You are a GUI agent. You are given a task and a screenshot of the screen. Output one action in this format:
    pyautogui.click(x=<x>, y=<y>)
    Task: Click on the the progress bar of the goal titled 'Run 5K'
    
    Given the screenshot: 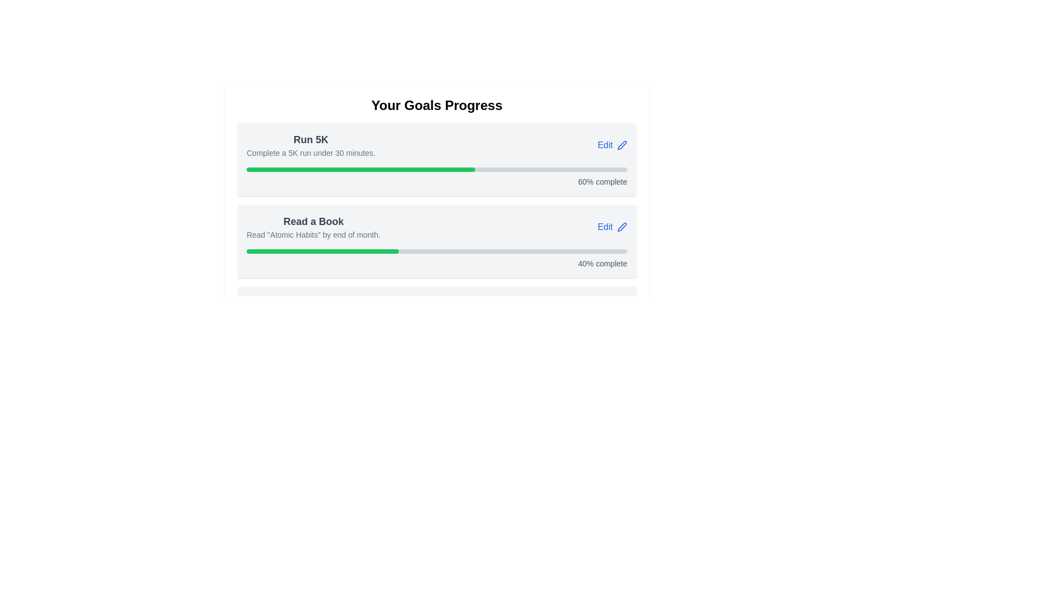 What is the action you would take?
    pyautogui.click(x=436, y=160)
    